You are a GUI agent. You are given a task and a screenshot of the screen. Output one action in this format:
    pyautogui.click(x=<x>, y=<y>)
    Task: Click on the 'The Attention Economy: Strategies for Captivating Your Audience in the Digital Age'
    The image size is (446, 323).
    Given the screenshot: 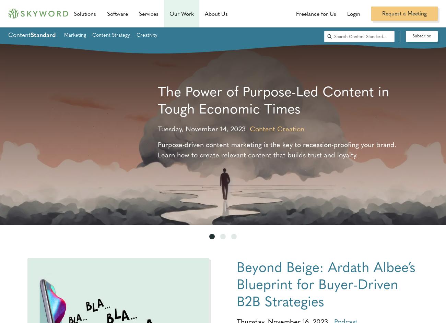 What is the action you would take?
    pyautogui.click(x=280, y=108)
    